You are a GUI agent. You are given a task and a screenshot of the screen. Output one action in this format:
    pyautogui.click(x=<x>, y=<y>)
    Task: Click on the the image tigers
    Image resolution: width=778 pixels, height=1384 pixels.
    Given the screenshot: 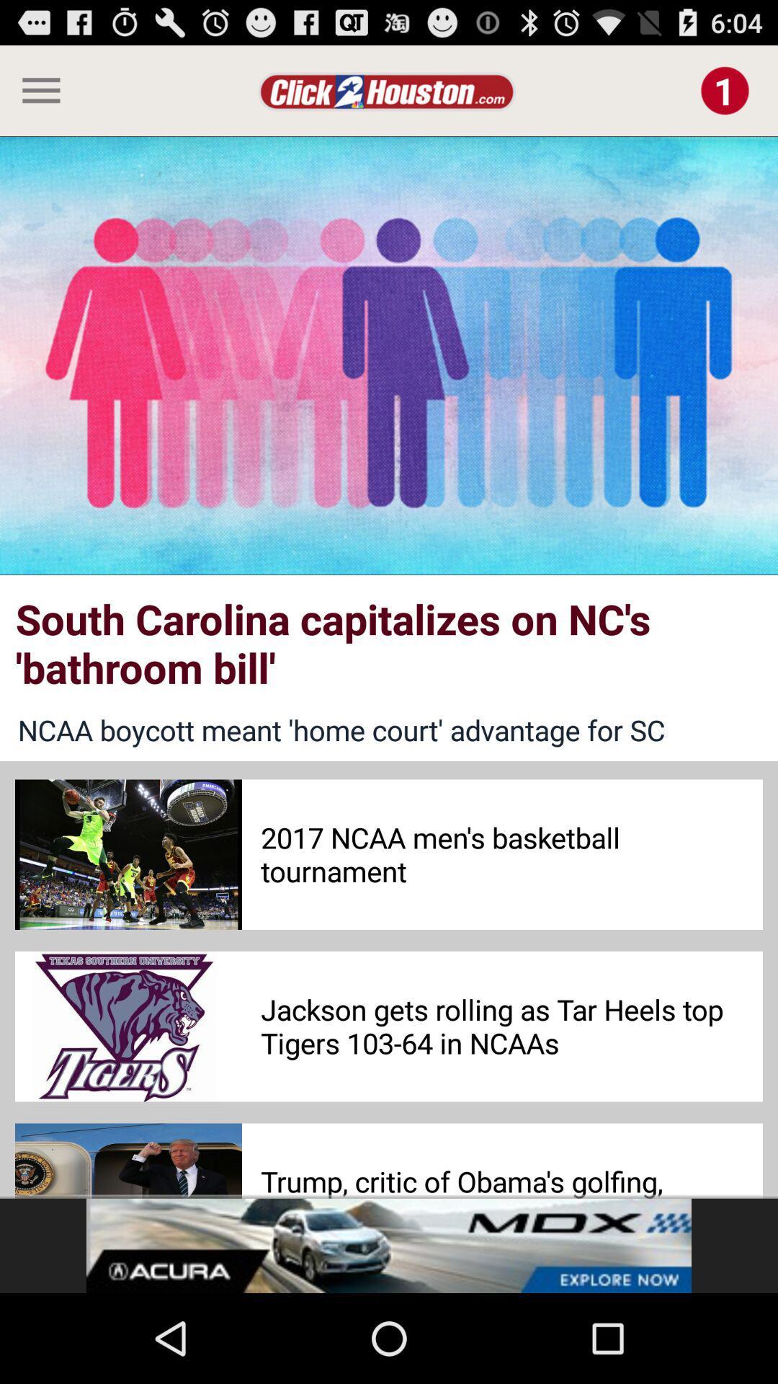 What is the action you would take?
    pyautogui.click(x=128, y=1026)
    